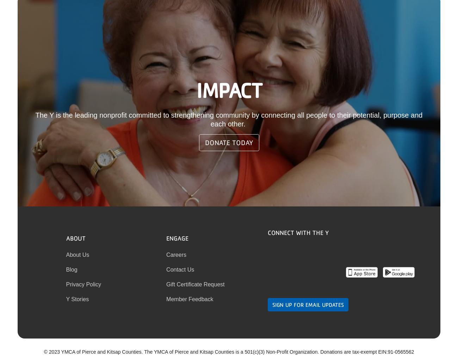  What do you see at coordinates (75, 237) in the screenshot?
I see `'About'` at bounding box center [75, 237].